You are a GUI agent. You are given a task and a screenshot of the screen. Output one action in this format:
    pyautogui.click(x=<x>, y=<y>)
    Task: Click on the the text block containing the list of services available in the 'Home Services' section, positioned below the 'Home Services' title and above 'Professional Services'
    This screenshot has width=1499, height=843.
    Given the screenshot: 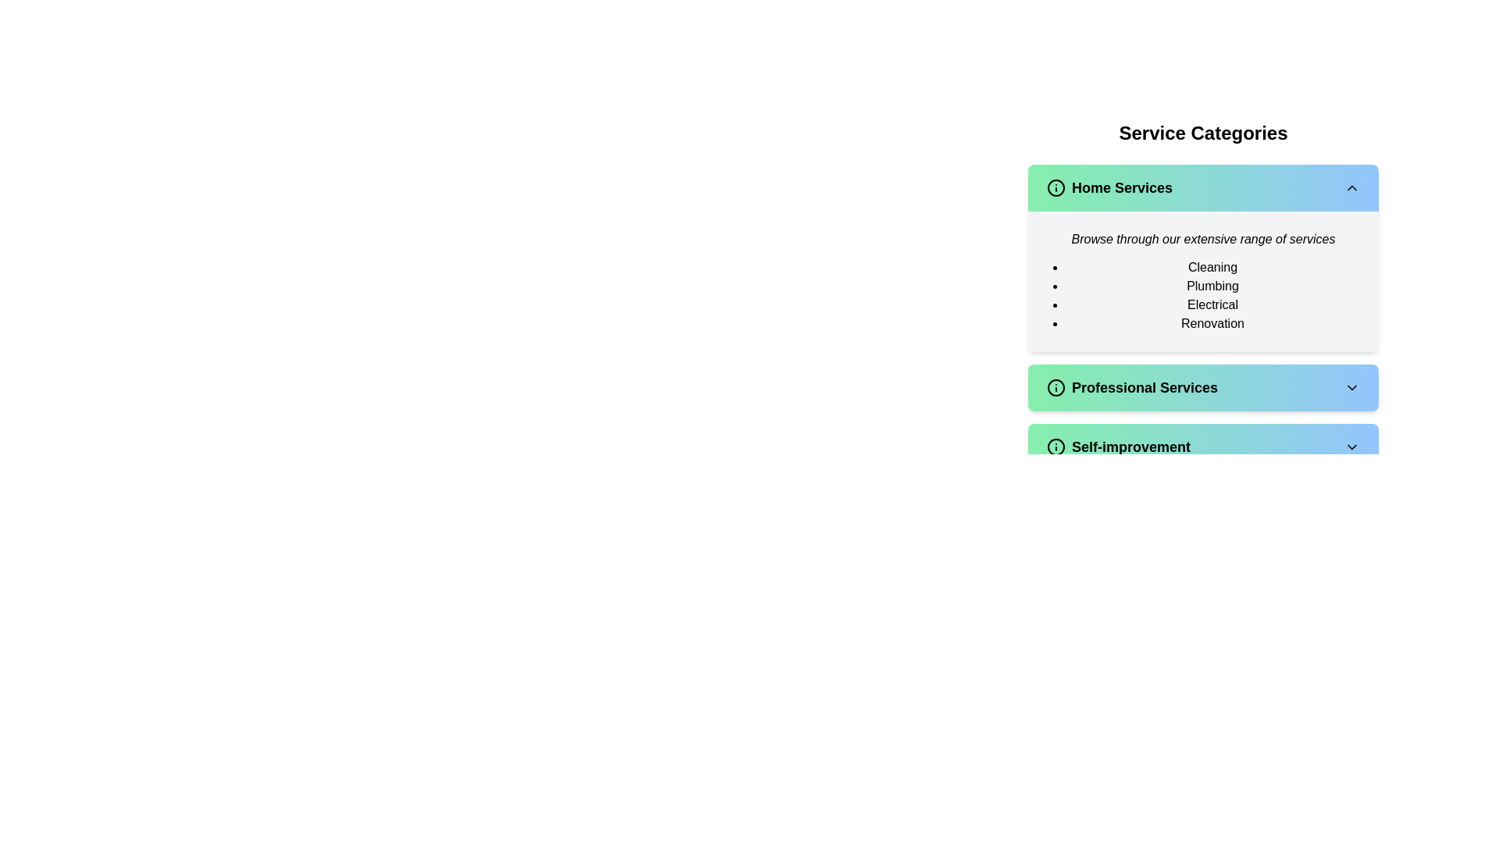 What is the action you would take?
    pyautogui.click(x=1202, y=282)
    